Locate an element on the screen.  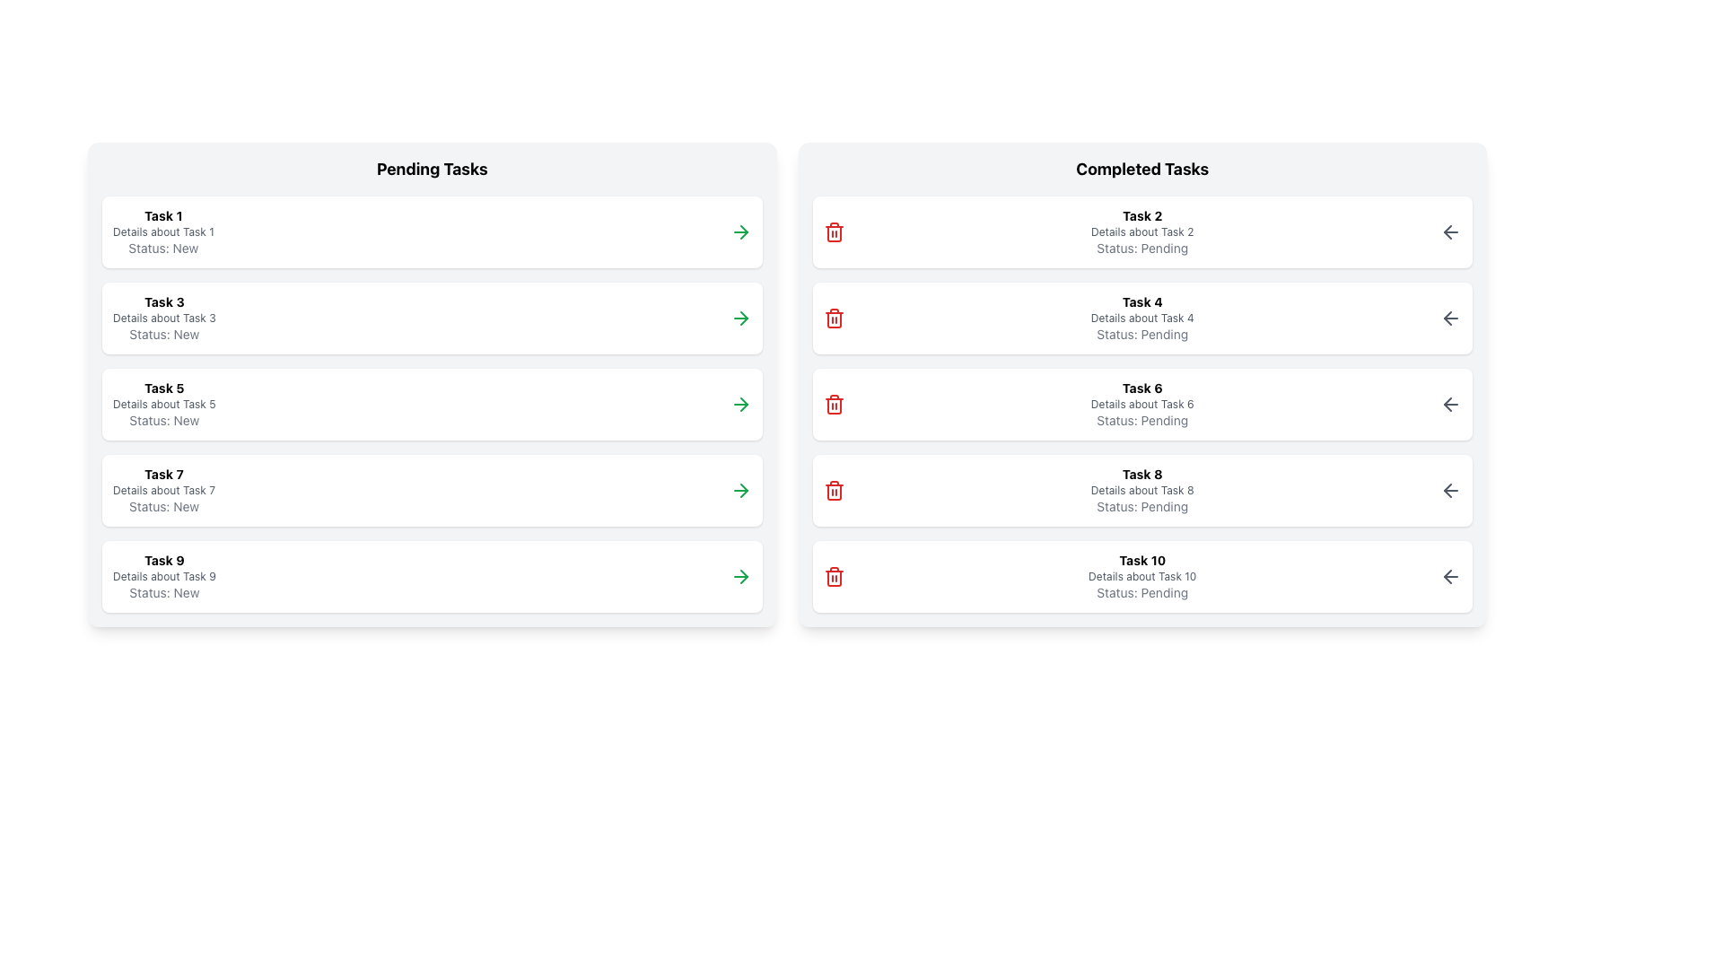
text from the header indicating the task number in the first line of the second card under 'Completed Tasks' in the right-hand column is located at coordinates (1141, 301).